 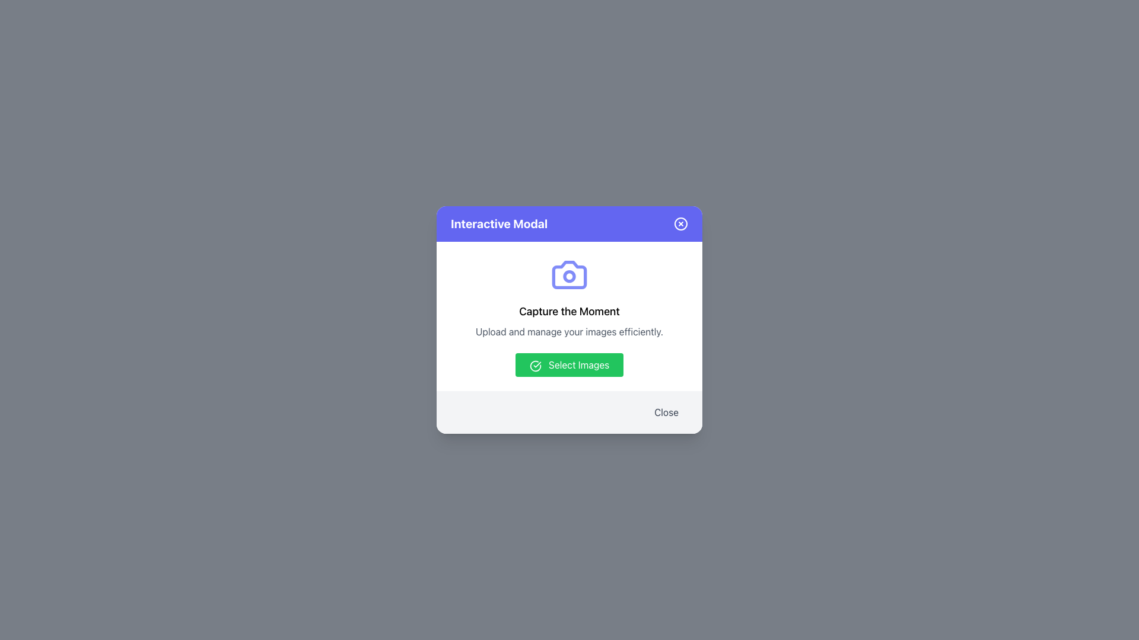 What do you see at coordinates (534, 365) in the screenshot?
I see `the decorative status indicator icon located to the left of the 'Select Images' button` at bounding box center [534, 365].